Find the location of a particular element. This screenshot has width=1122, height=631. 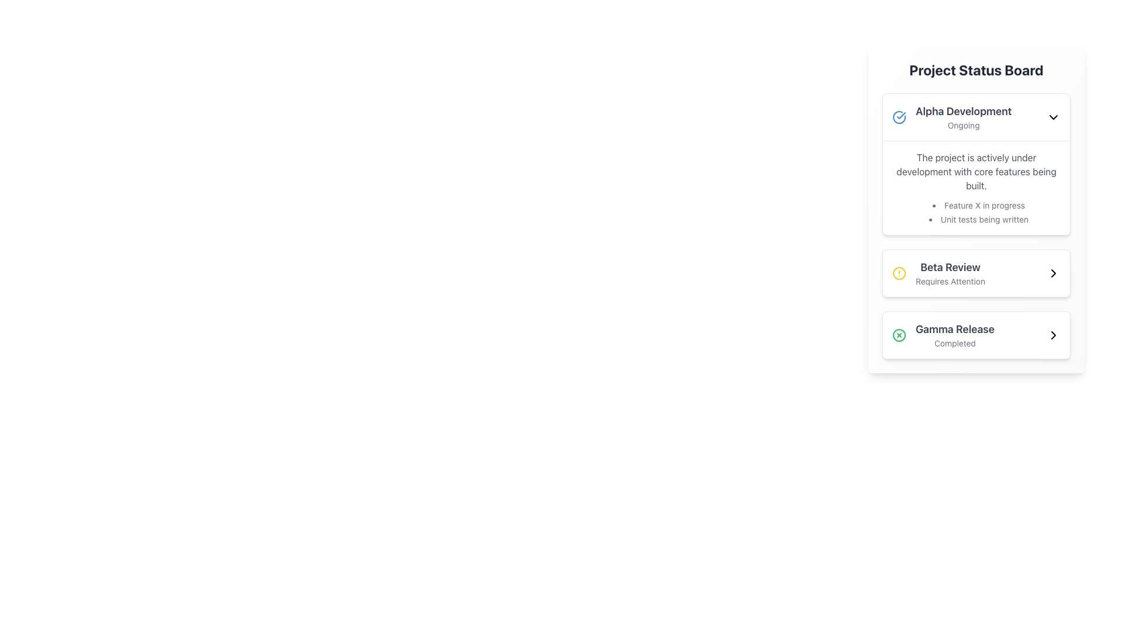

displayed text of the Project status label which shows 'Alpha Development' and 'Ongoing', located at the top of the Project Status Board is located at coordinates (952, 117).